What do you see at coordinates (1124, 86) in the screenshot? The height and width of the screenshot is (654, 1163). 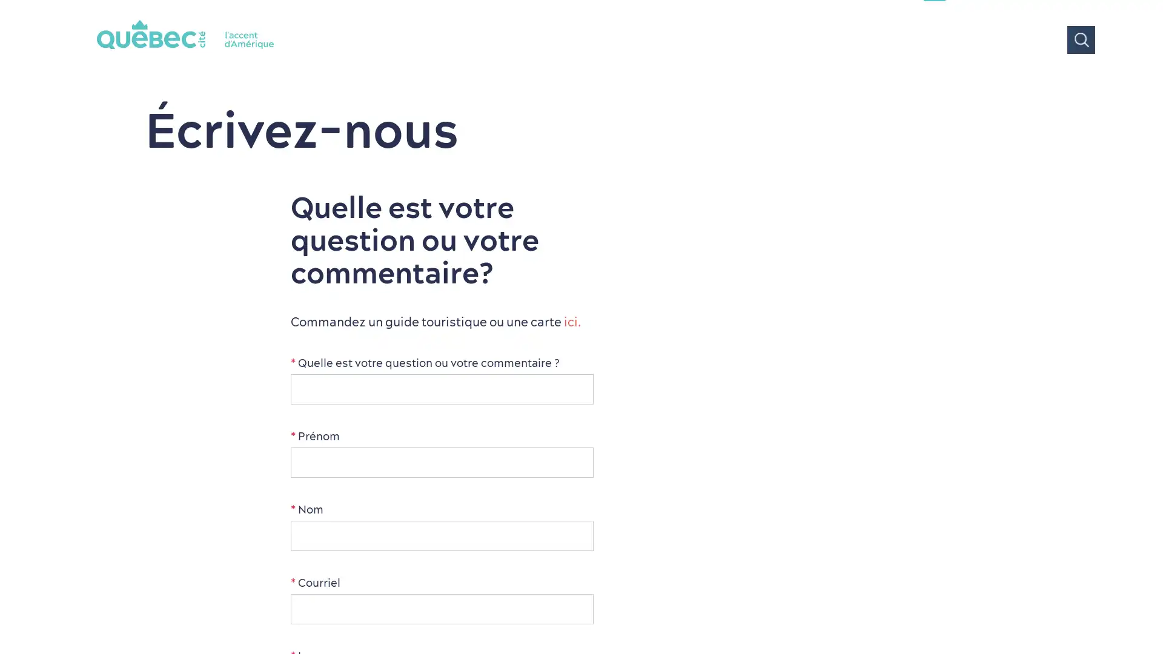 I see `Tous` at bounding box center [1124, 86].